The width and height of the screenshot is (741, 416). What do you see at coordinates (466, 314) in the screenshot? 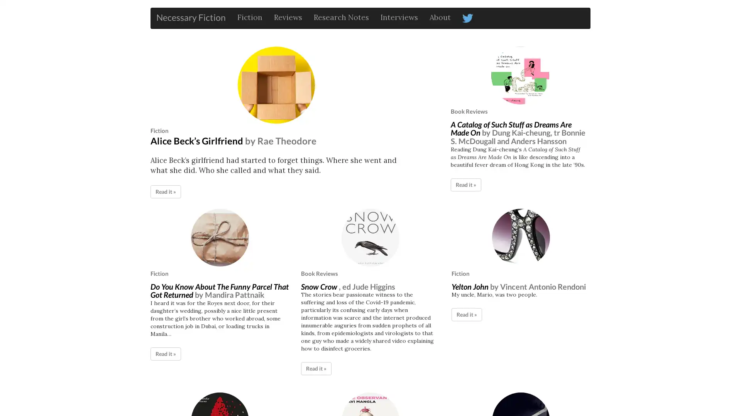
I see `Read it` at bounding box center [466, 314].